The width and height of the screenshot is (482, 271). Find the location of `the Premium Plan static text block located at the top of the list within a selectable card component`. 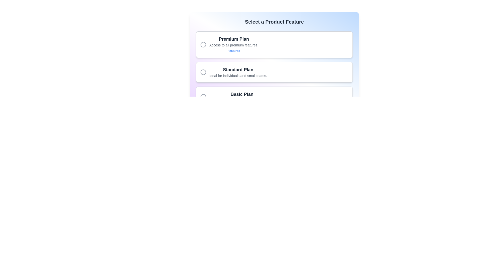

the Premium Plan static text block located at the top of the list within a selectable card component is located at coordinates (233, 44).